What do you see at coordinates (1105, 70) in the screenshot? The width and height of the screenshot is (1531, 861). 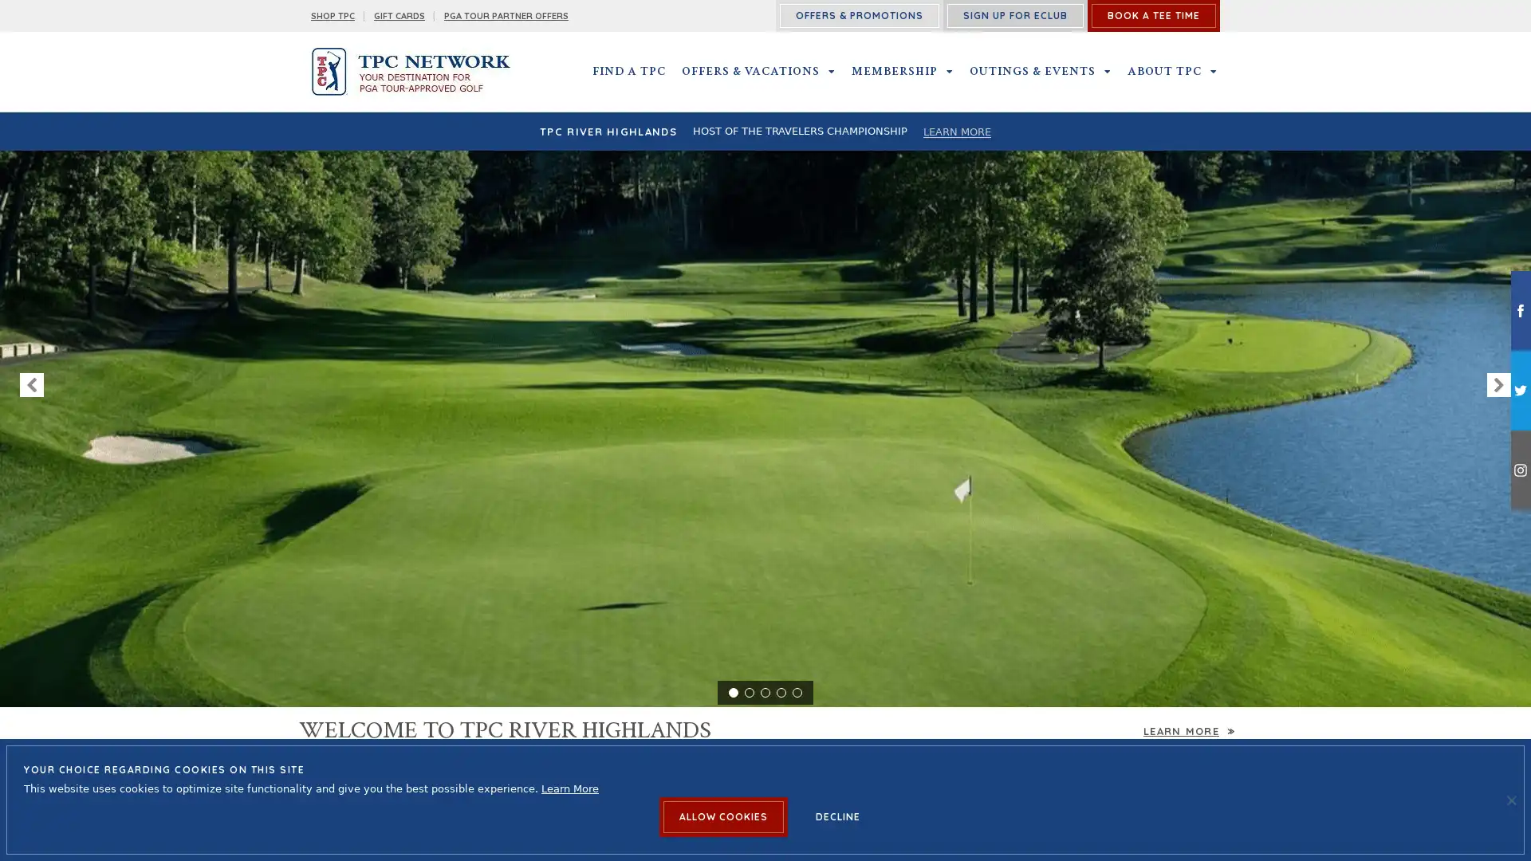 I see `OUTINGS & EVENTS SUBMENU` at bounding box center [1105, 70].